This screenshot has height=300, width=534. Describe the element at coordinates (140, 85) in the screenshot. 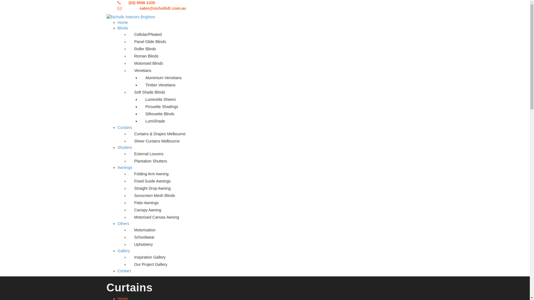

I see `'Timber Venetians'` at that location.